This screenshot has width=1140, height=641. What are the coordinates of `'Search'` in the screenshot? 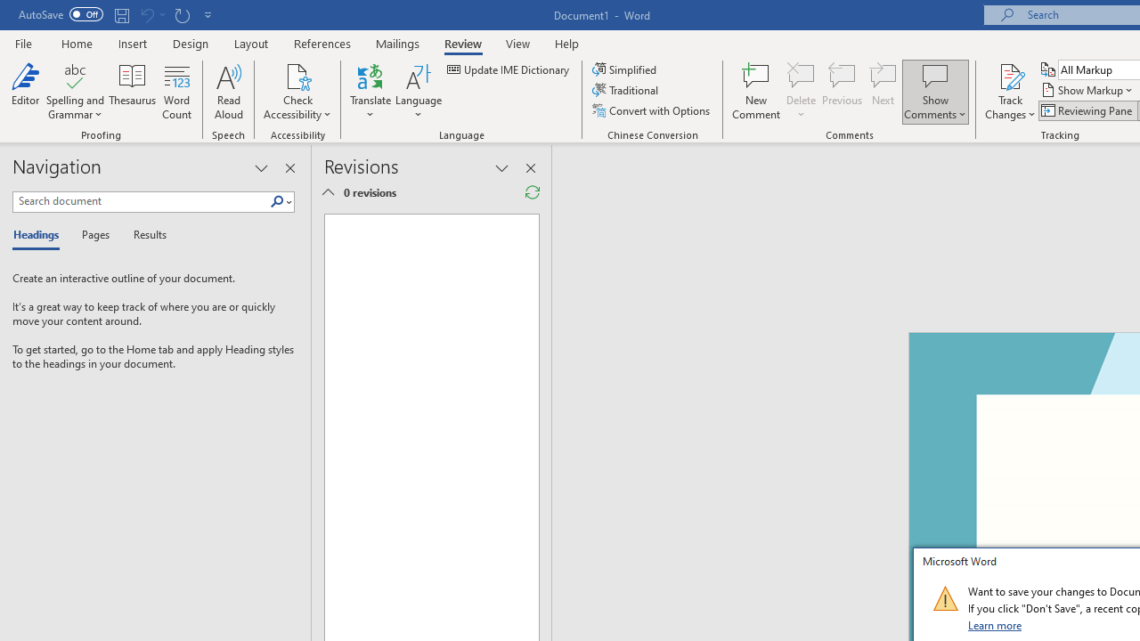 It's located at (276, 201).